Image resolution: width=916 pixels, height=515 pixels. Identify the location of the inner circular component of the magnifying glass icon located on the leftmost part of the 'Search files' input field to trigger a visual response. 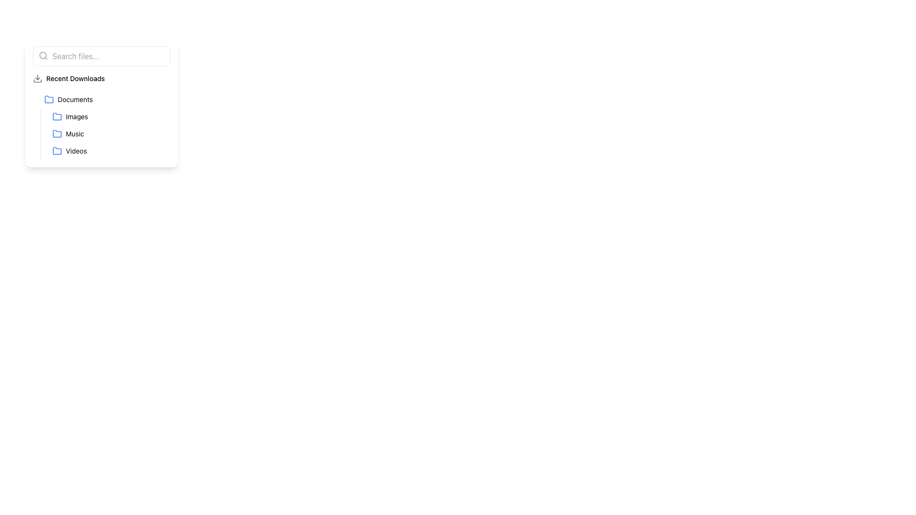
(42, 55).